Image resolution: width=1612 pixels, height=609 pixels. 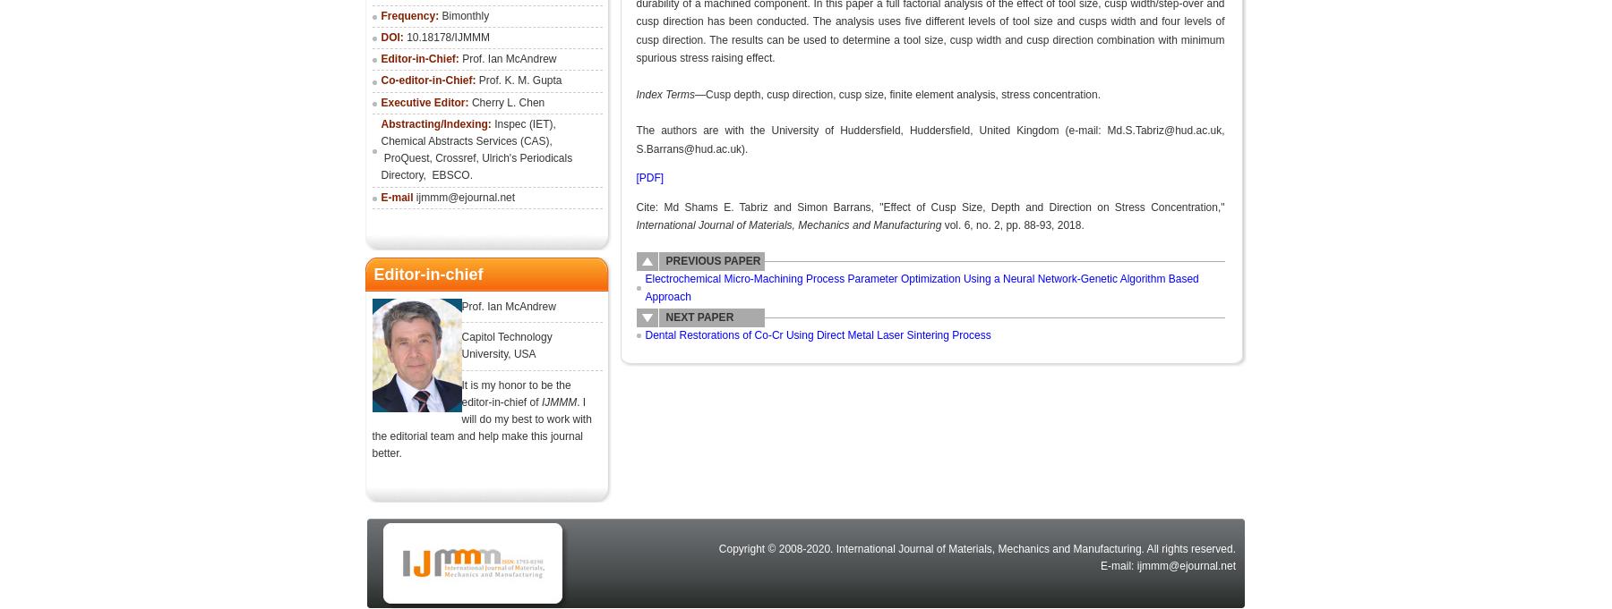 What do you see at coordinates (464, 197) in the screenshot?
I see `'ijmmm@ejournal.net'` at bounding box center [464, 197].